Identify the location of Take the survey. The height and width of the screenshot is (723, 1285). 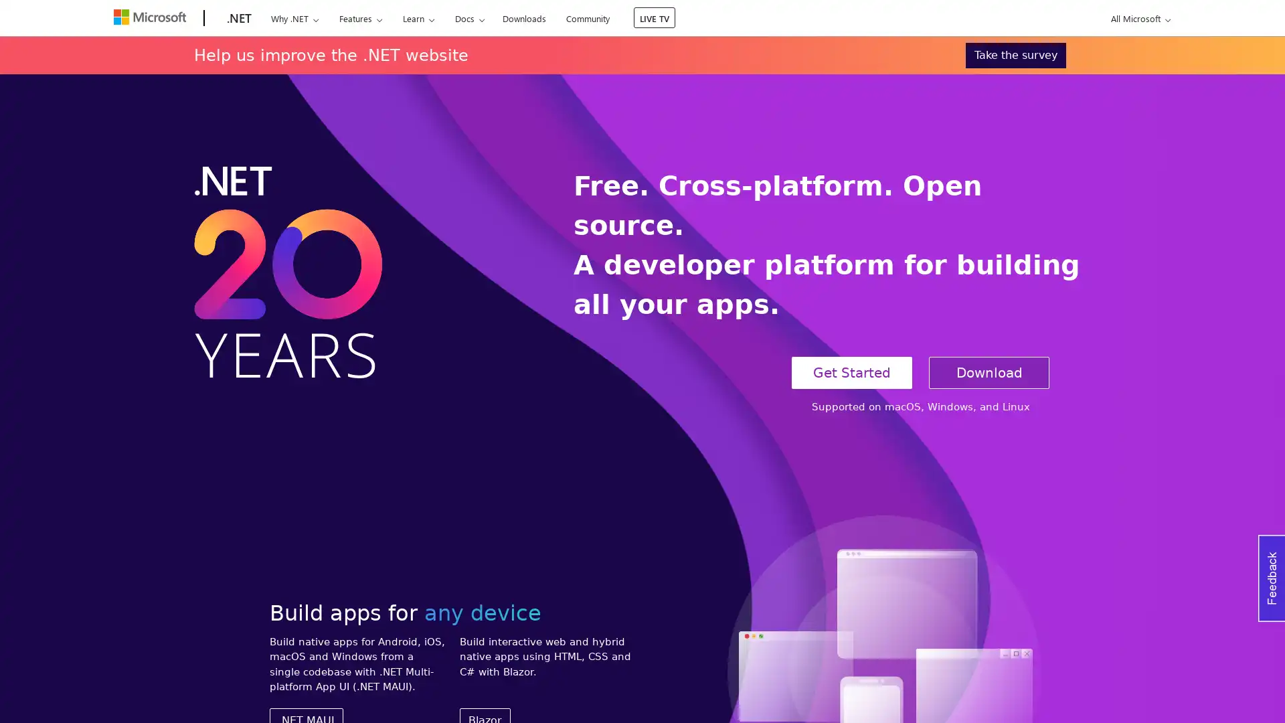
(1015, 55).